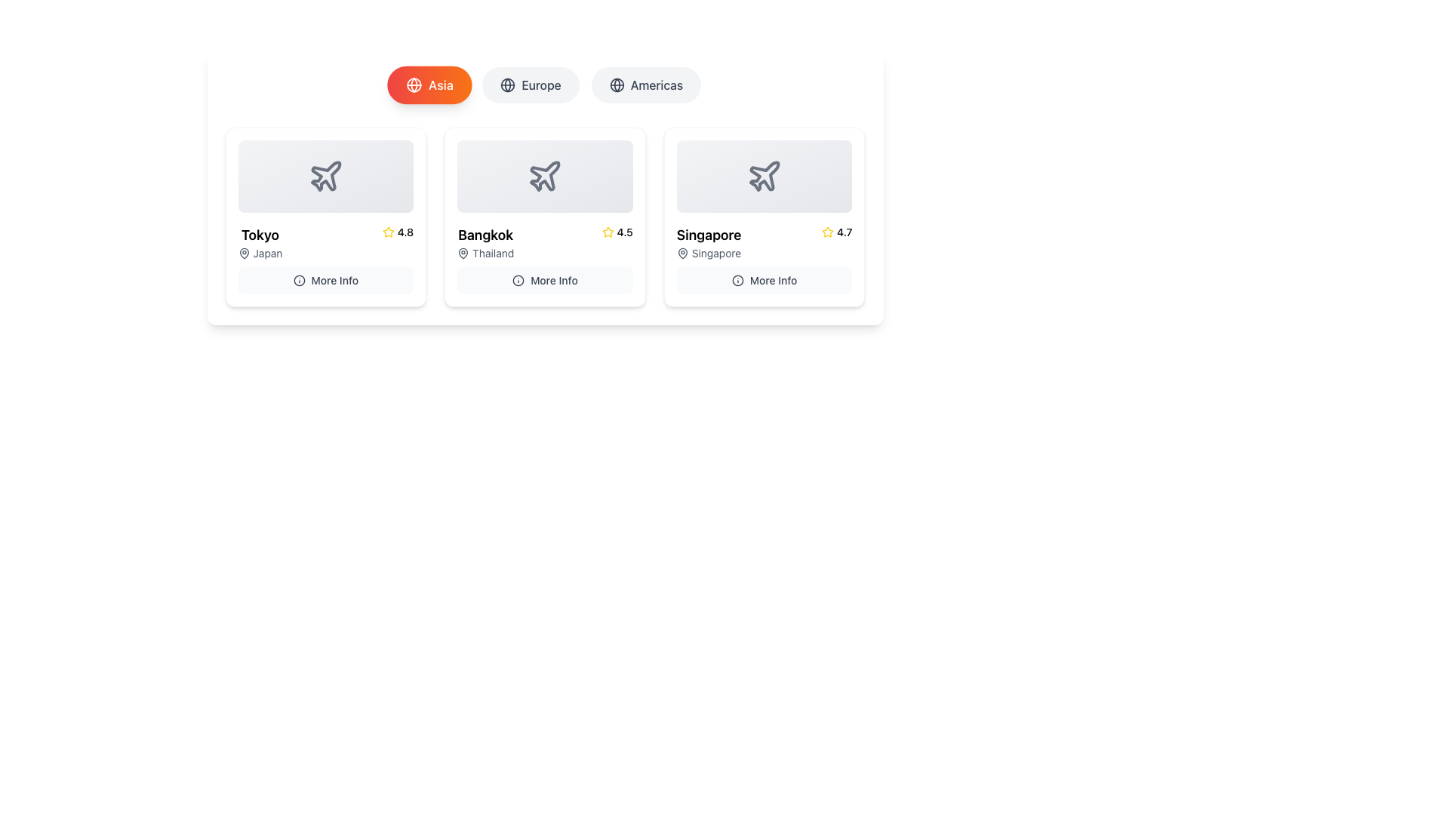  Describe the element at coordinates (388, 232) in the screenshot. I see `the non-interactive star icon that visually represents a rating symbol, located to the left of the numeric rating '4.8'` at that location.